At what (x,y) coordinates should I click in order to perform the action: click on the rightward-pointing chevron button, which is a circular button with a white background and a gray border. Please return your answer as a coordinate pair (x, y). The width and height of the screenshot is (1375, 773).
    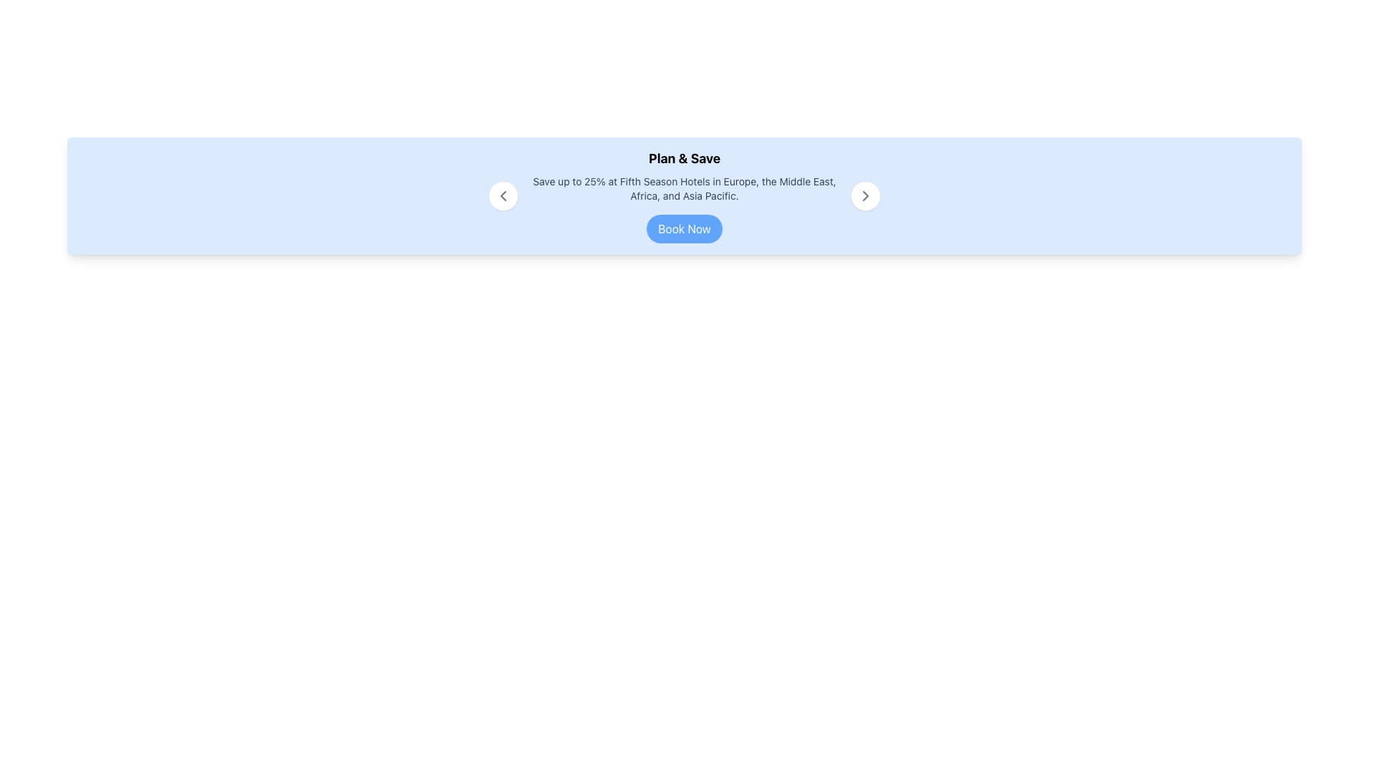
    Looking at the image, I should click on (865, 195).